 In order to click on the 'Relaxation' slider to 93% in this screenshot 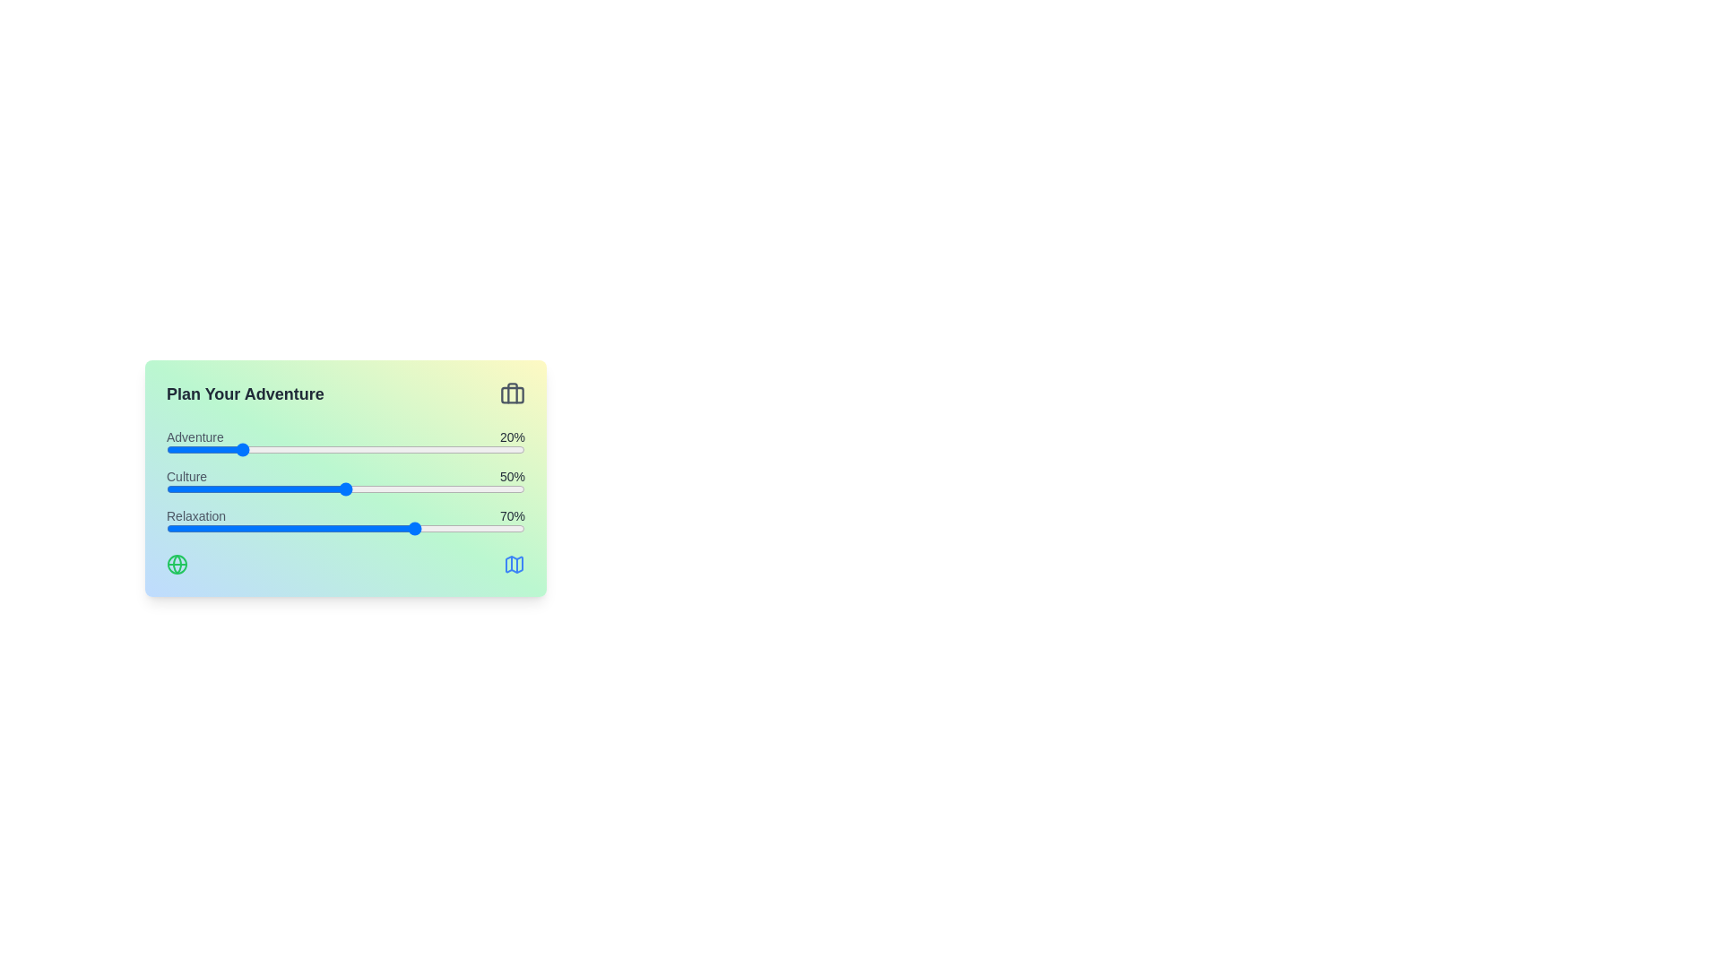, I will do `click(499, 528)`.